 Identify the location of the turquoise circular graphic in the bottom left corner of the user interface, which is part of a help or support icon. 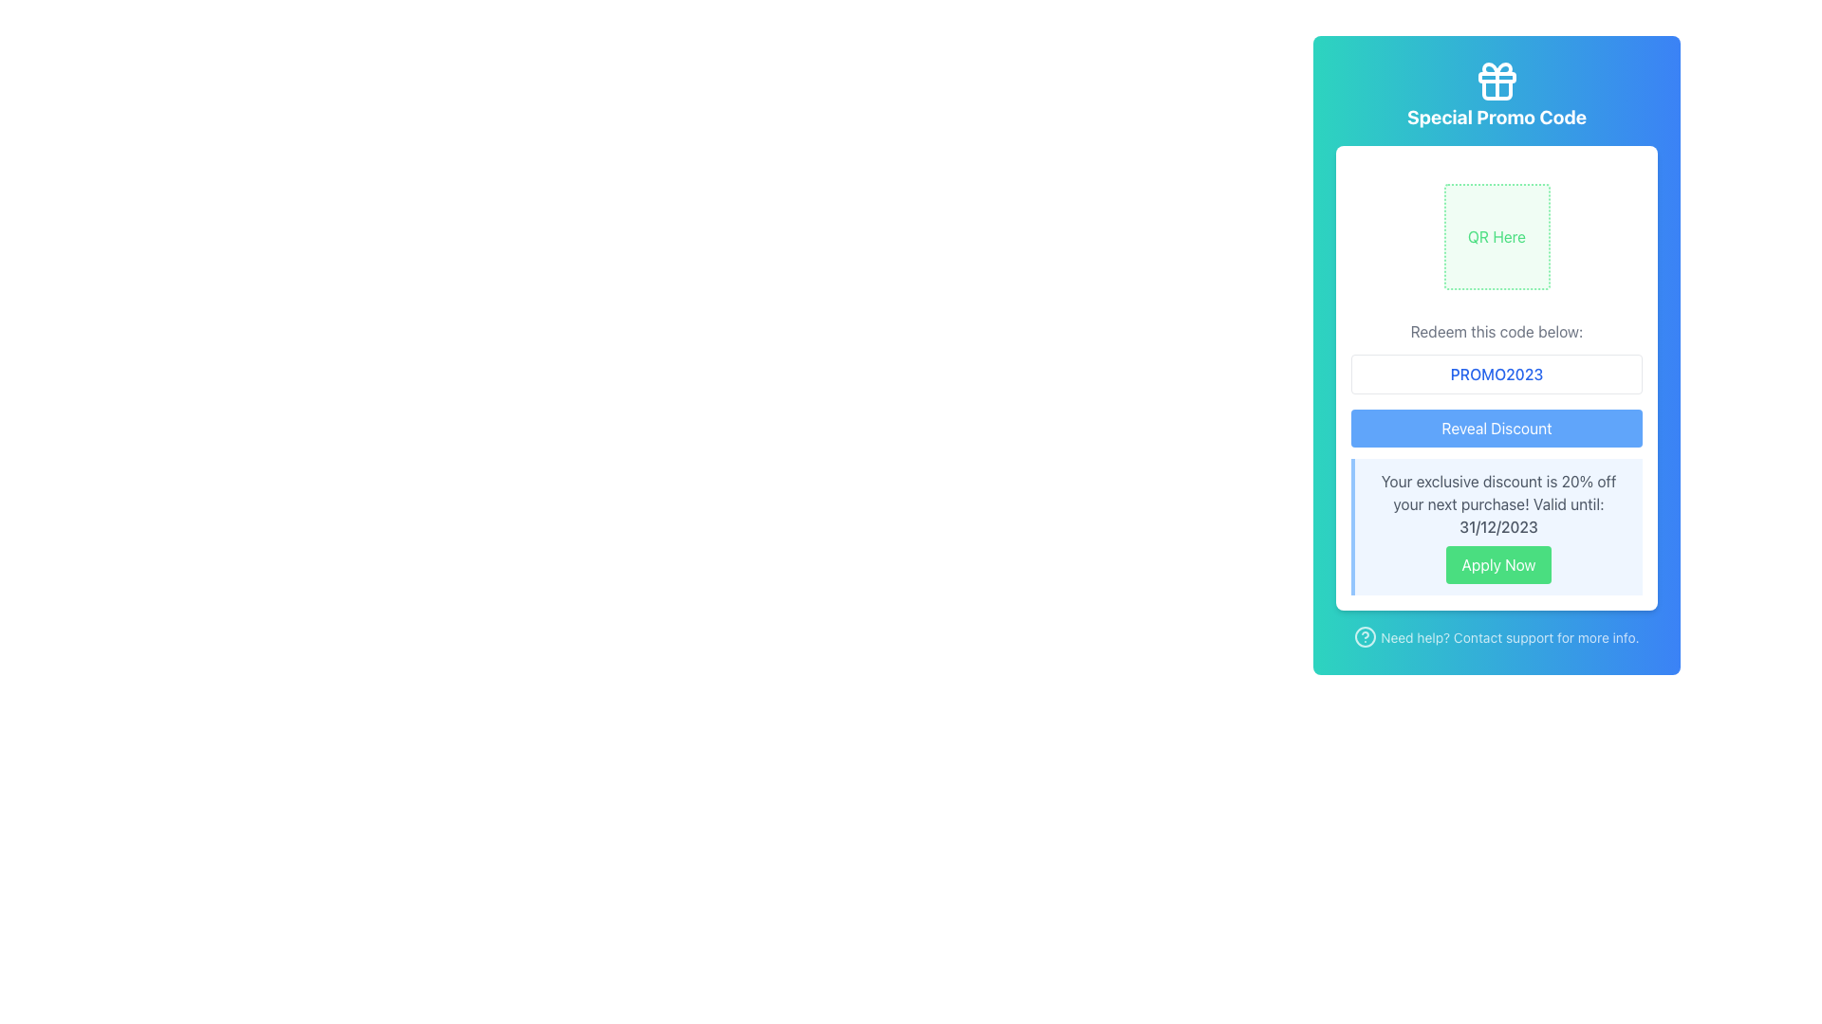
(1365, 636).